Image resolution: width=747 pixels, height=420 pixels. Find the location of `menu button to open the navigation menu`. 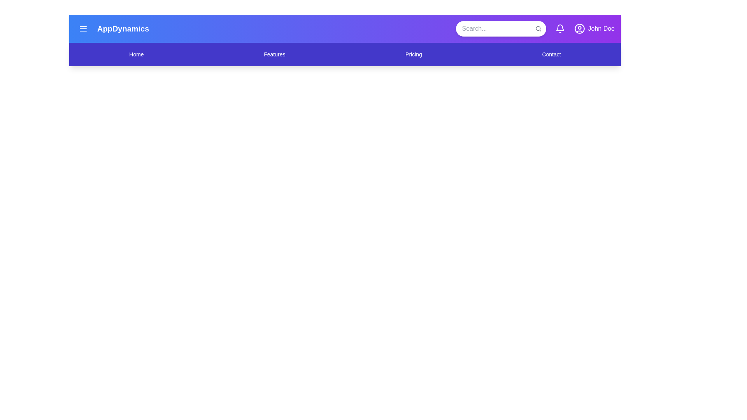

menu button to open the navigation menu is located at coordinates (83, 28).